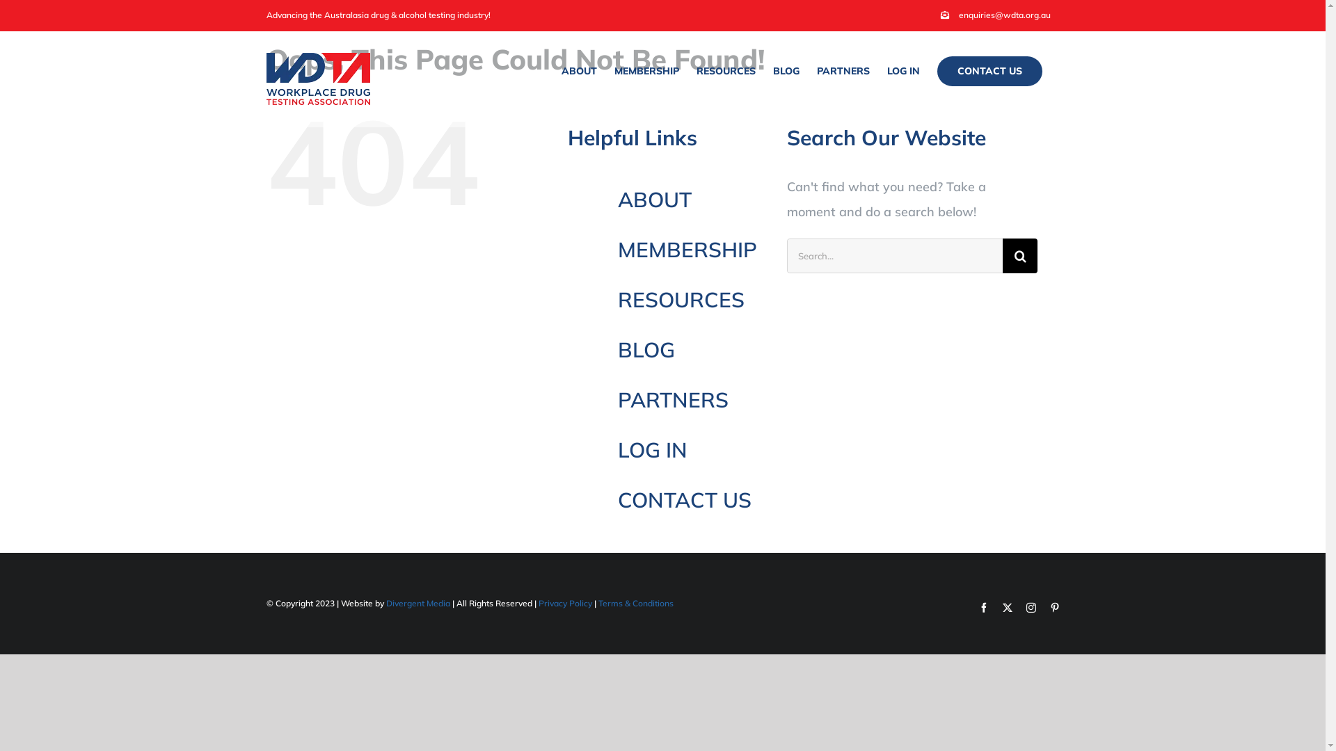 Image resolution: width=1336 pixels, height=751 pixels. I want to click on 'CONTACT US', so click(988, 70).